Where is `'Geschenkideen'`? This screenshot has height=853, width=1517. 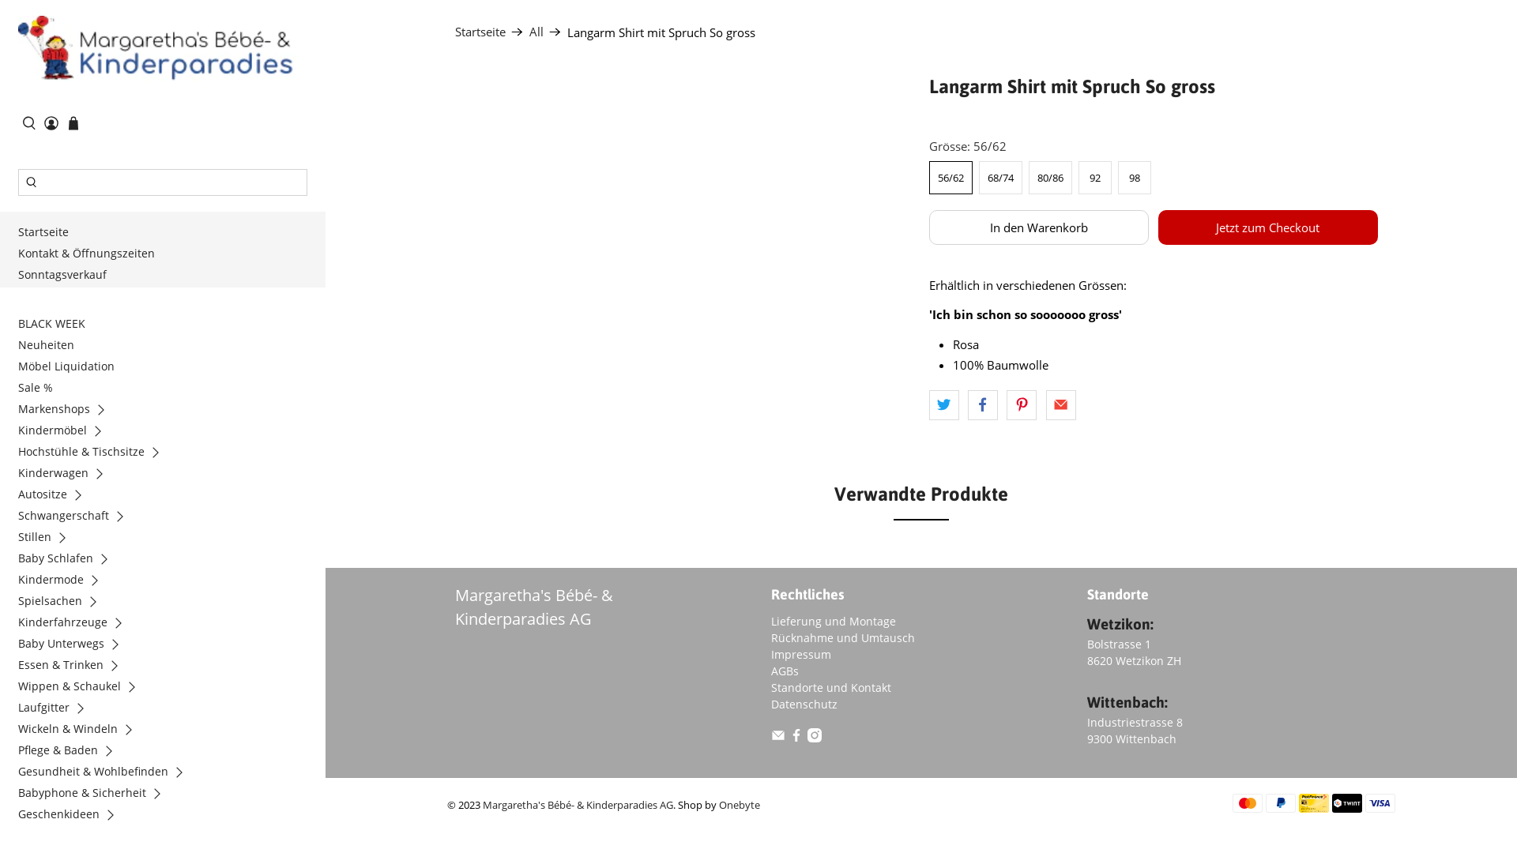
'Geschenkideen' is located at coordinates (71, 816).